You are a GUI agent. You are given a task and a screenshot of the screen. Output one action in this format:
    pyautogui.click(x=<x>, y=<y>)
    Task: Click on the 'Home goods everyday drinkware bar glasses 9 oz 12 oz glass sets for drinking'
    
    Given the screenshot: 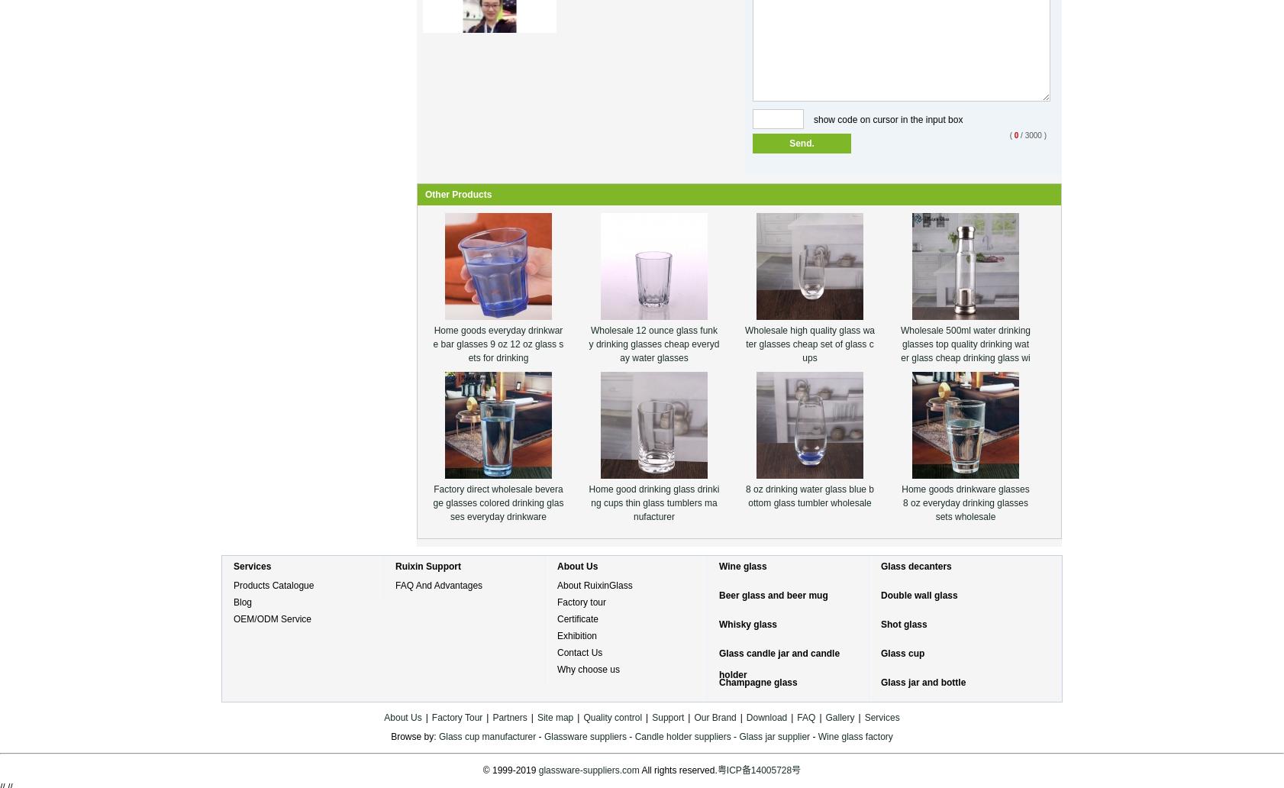 What is the action you would take?
    pyautogui.click(x=498, y=343)
    